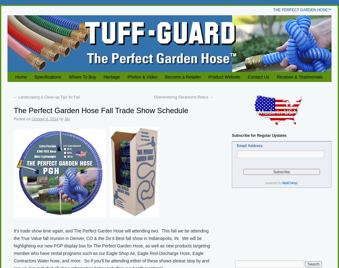 The width and height of the screenshot is (339, 268). I want to click on 'Overwintering Geraniums Redux', so click(181, 97).